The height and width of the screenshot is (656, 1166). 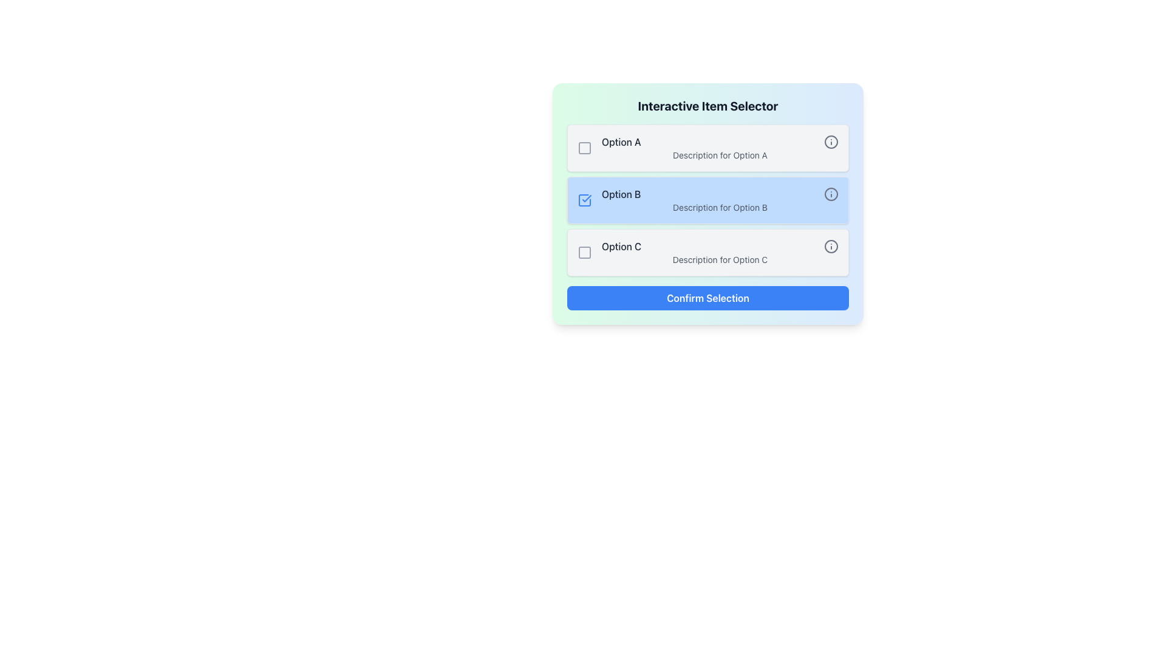 What do you see at coordinates (585, 147) in the screenshot?
I see `the checkbox control for 'Option A', which is visually indicated by the decorative SVG element within its bounds` at bounding box center [585, 147].